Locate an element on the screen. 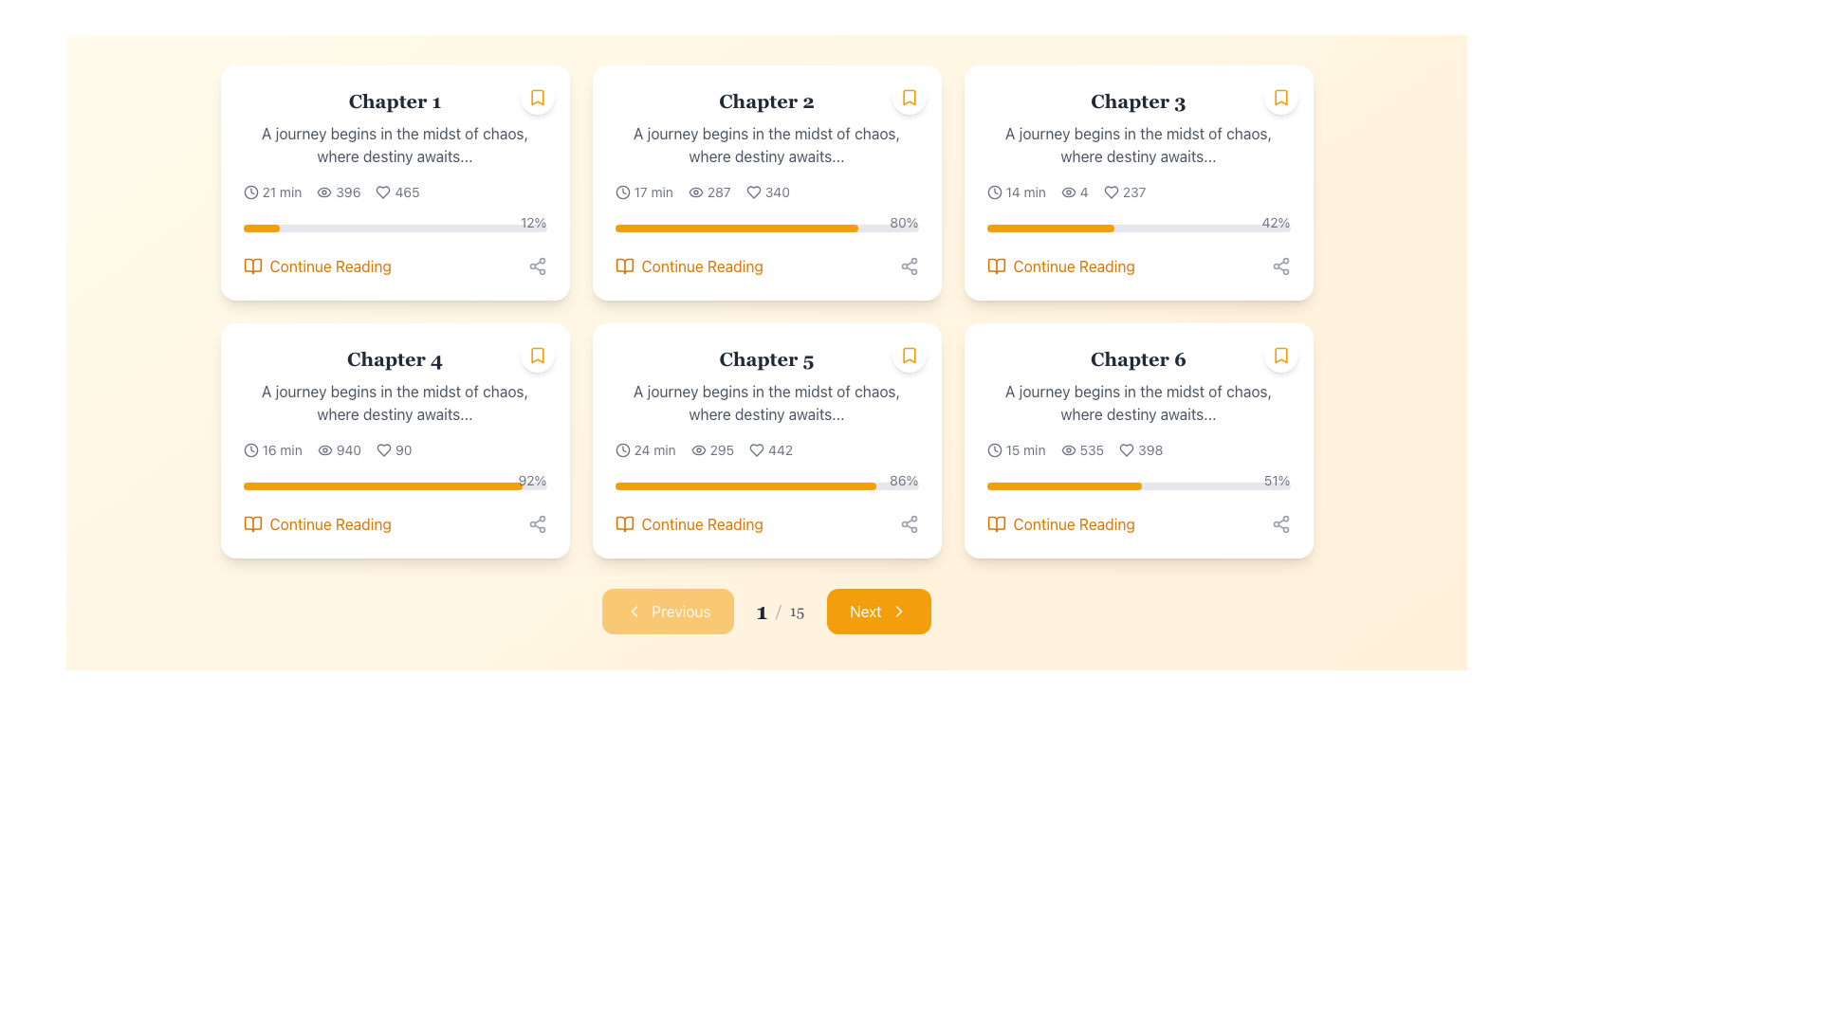  the displayed information in the Informational Row located in the bottom section of the 'Chapter 6' card, which shows the estimated reading time, number of views, and likes is located at coordinates (1138, 449).